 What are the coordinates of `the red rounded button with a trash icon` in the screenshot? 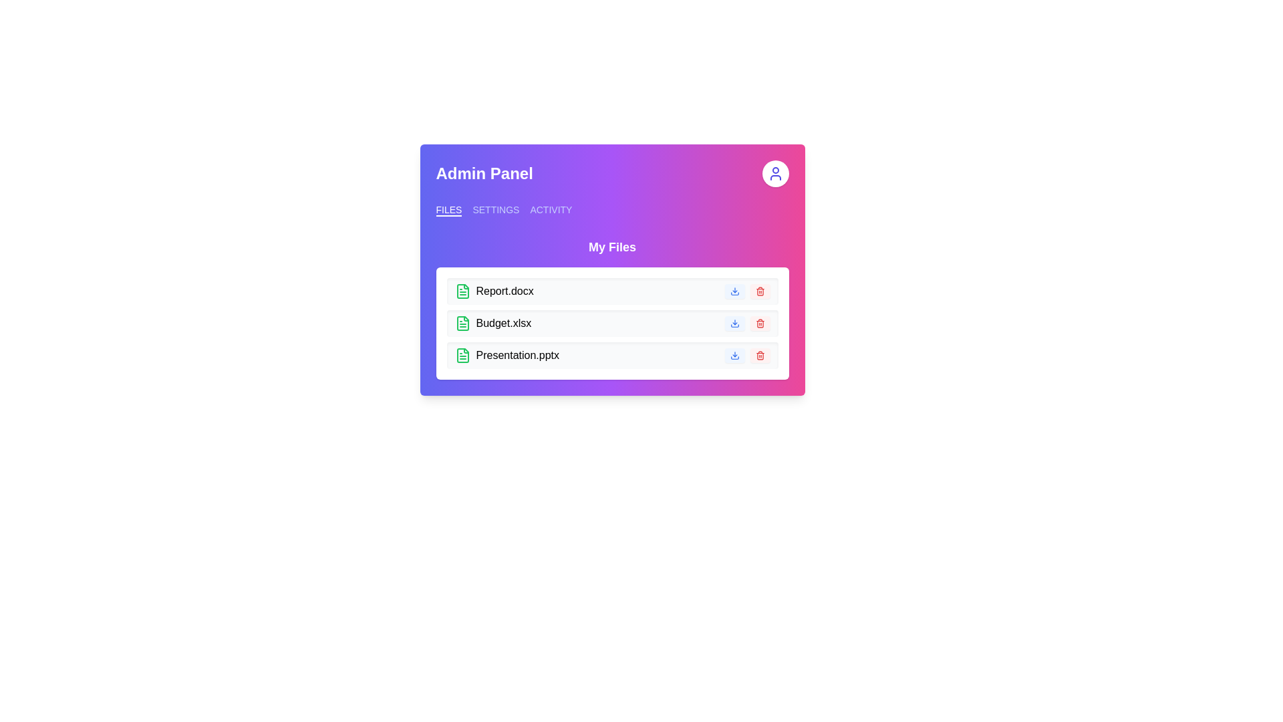 It's located at (760, 290).